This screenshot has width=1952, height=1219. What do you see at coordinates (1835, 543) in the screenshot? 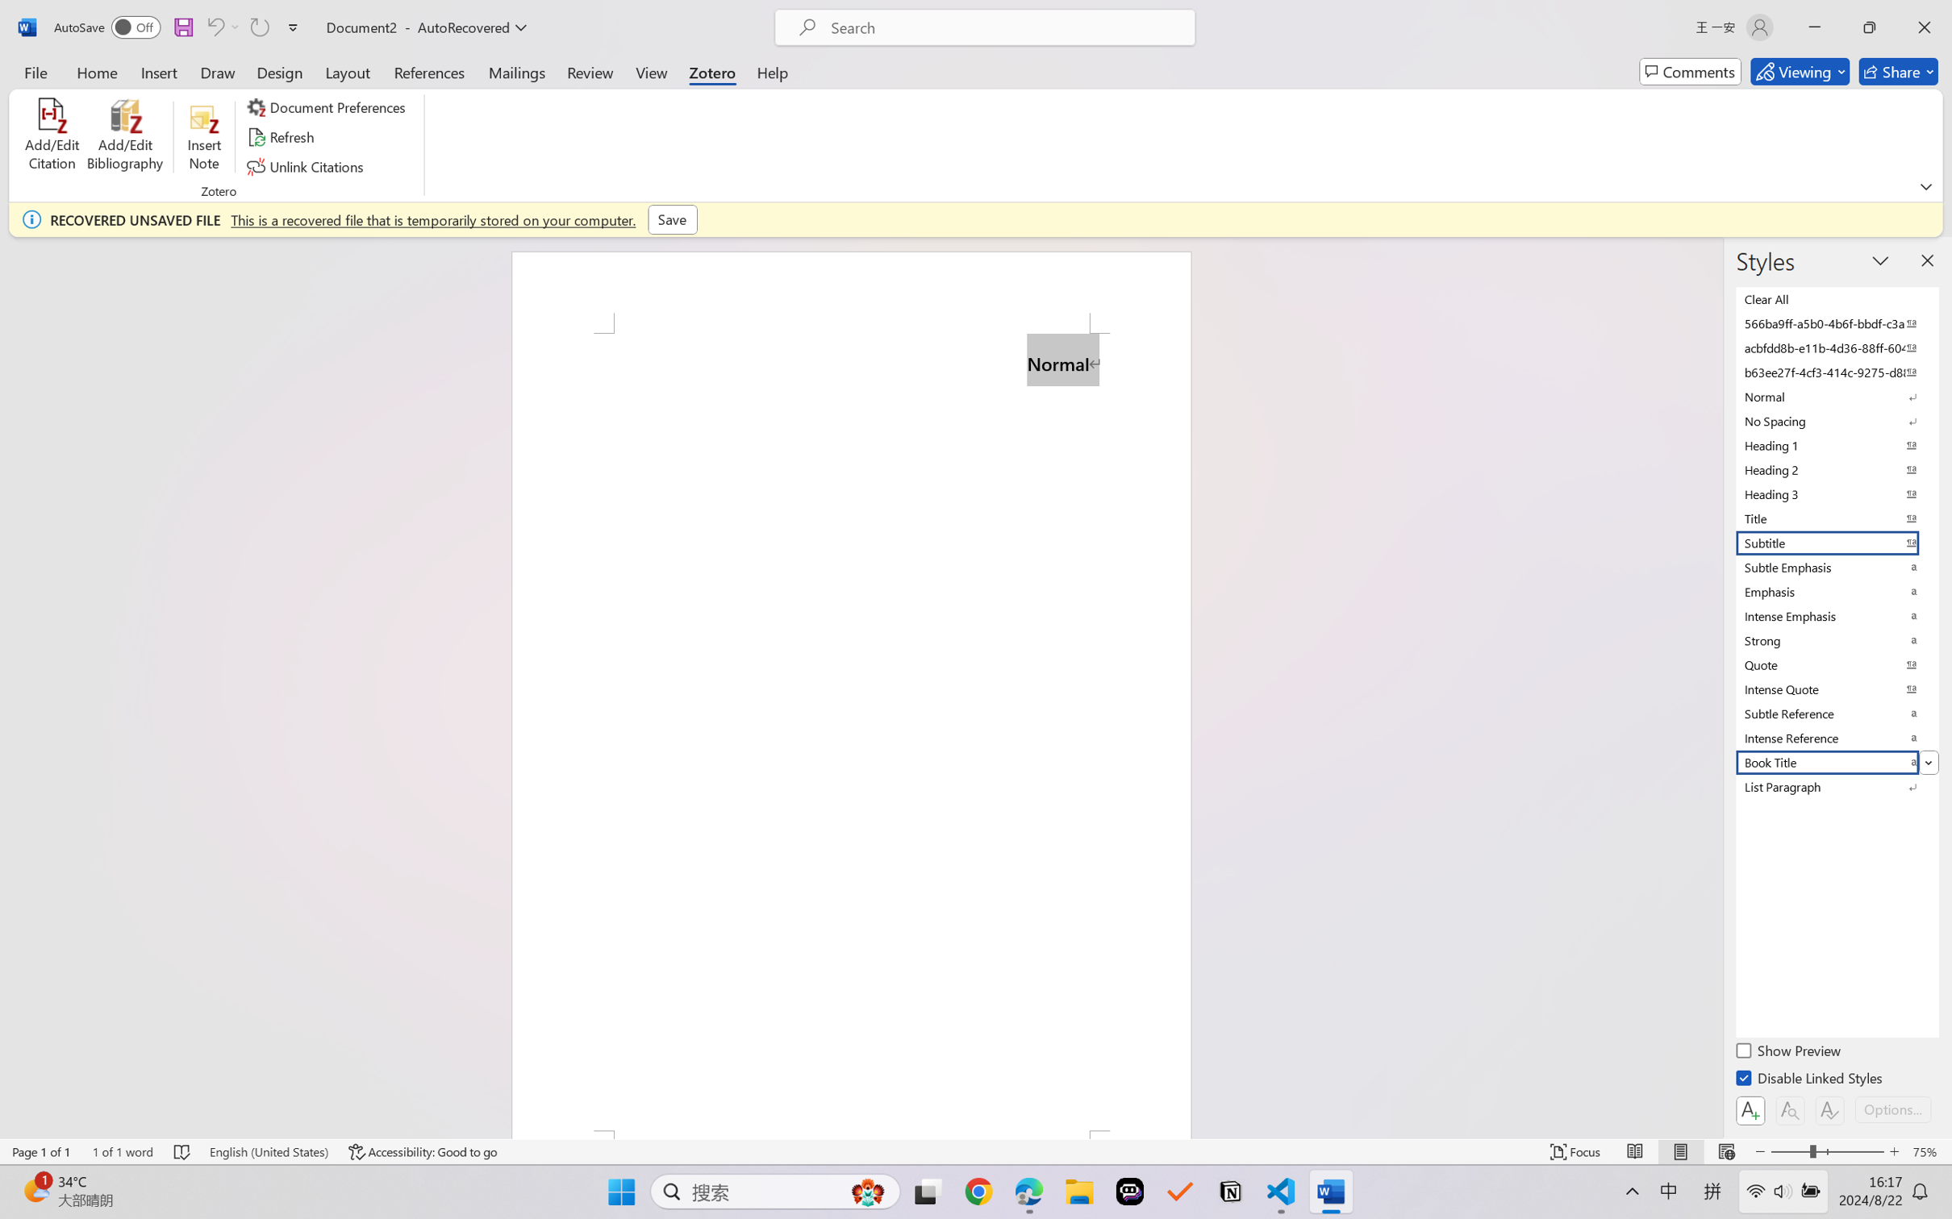
I see `'Subtitle'` at bounding box center [1835, 543].